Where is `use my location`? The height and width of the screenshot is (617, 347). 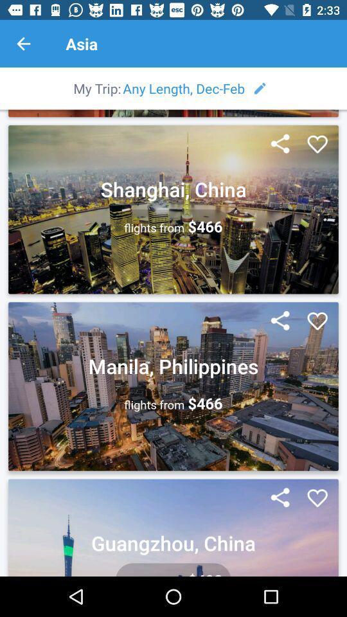
use my location is located at coordinates (280, 321).